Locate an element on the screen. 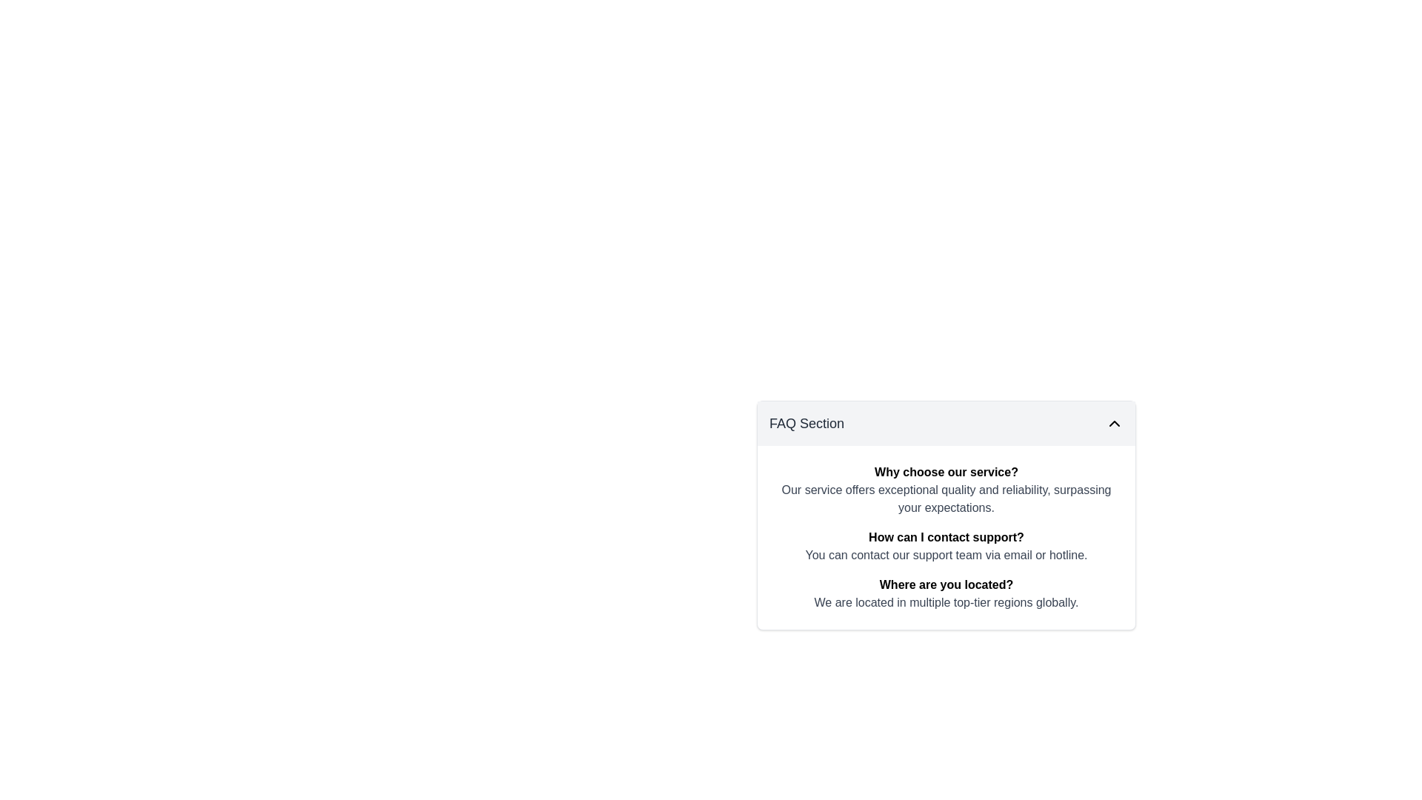 Image resolution: width=1422 pixels, height=800 pixels. the text element that provides information about the locations, positioned at the bottom of the FAQ layout following 'Where are you located?' is located at coordinates (945, 602).